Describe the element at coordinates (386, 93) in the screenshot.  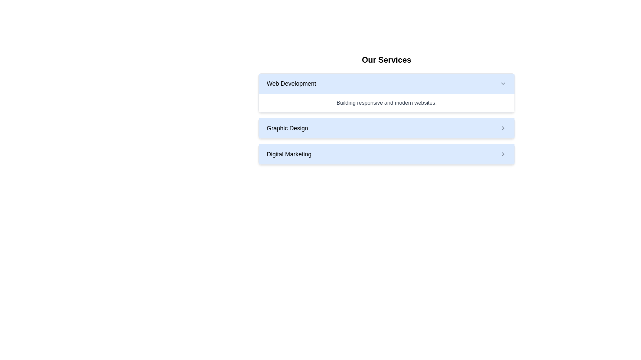
I see `the first Card element in the list` at that location.